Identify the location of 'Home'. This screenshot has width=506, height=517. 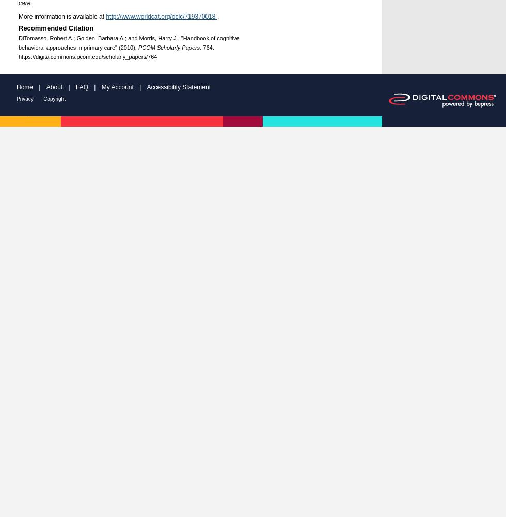
(17, 87).